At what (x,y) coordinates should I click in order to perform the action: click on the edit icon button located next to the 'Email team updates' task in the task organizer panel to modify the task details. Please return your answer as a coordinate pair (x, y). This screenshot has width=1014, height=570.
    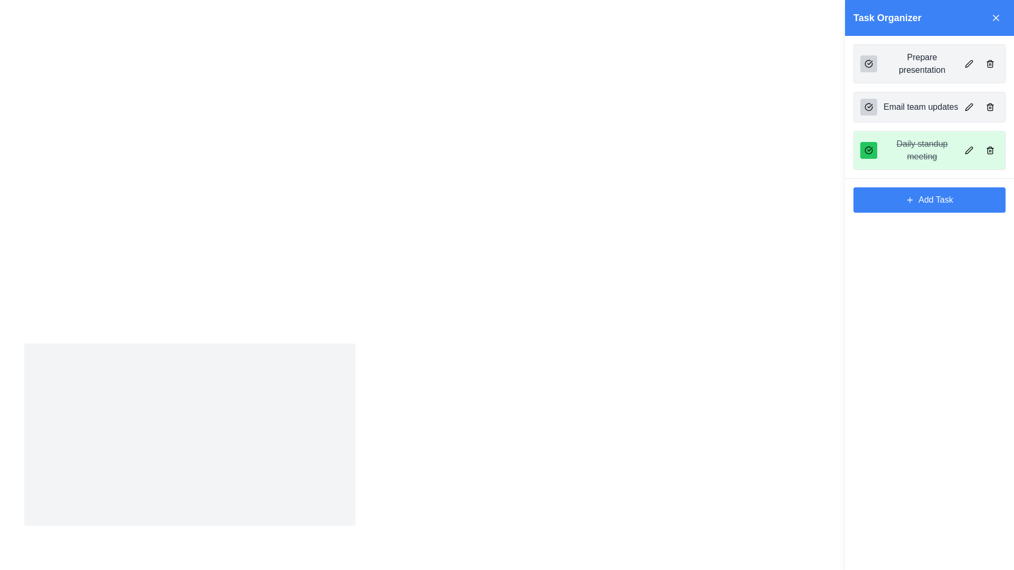
    Looking at the image, I should click on (969, 106).